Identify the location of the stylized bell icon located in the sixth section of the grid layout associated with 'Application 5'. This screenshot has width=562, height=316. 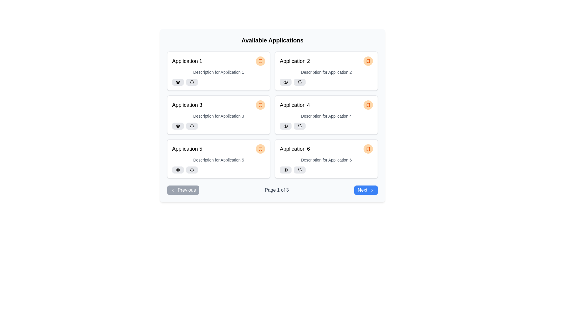
(192, 169).